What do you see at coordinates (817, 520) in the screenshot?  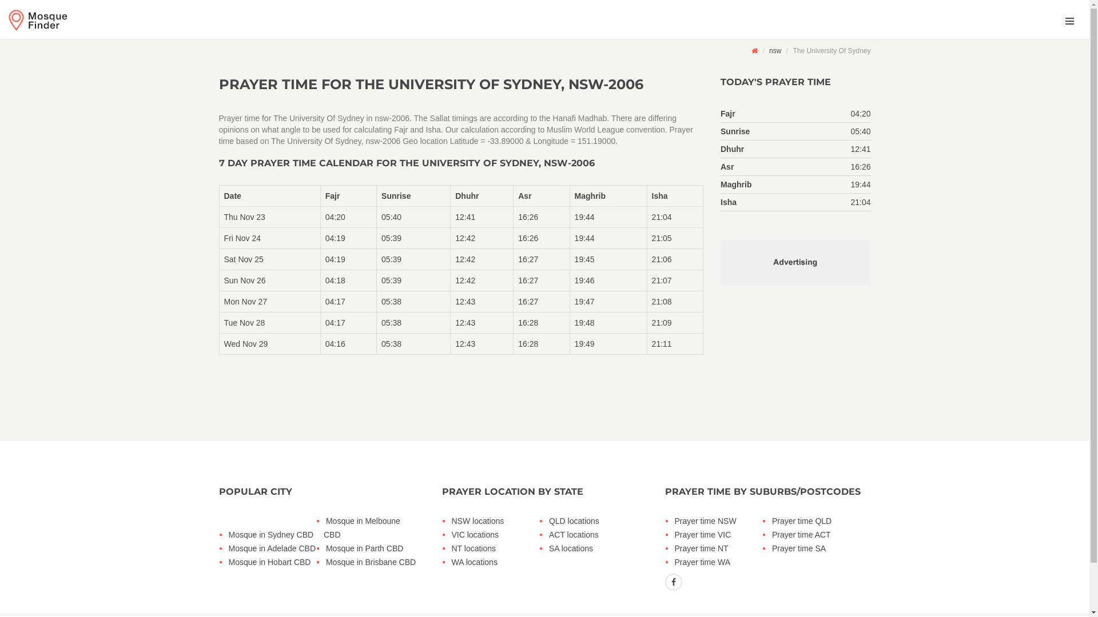 I see `'Prayer time QLD'` at bounding box center [817, 520].